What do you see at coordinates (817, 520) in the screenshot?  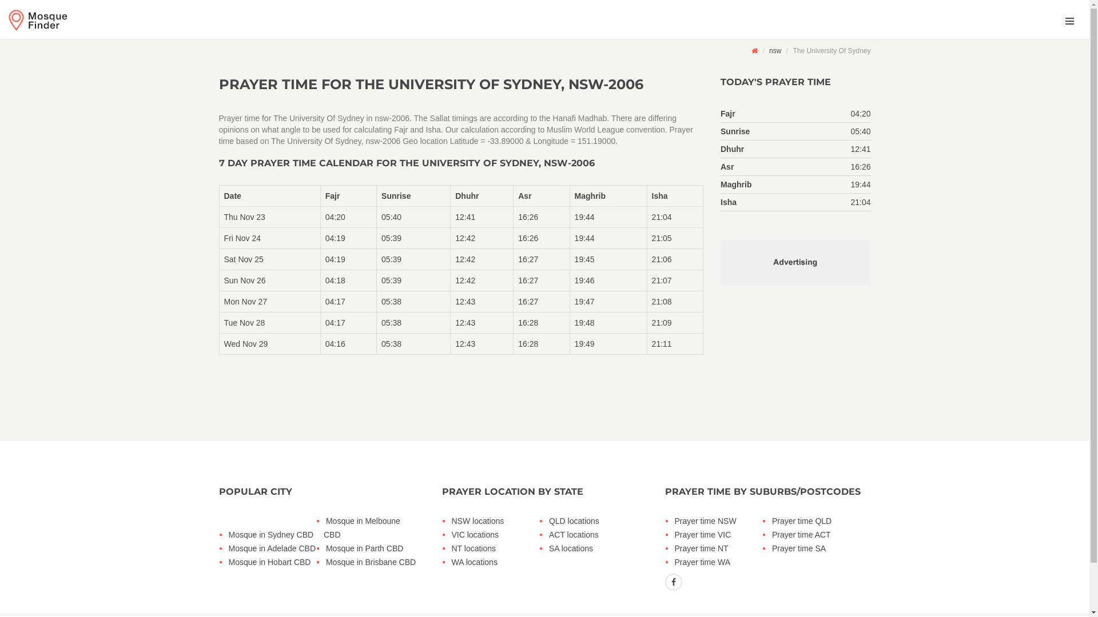 I see `'Prayer time QLD'` at bounding box center [817, 520].